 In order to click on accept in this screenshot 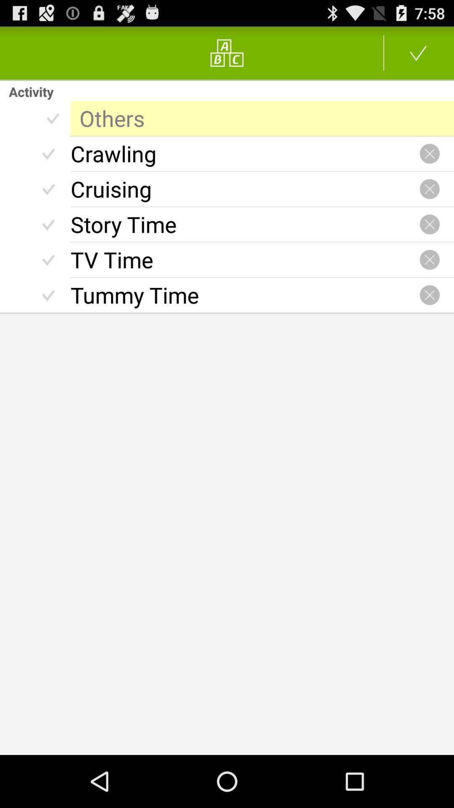, I will do `click(418, 52)`.